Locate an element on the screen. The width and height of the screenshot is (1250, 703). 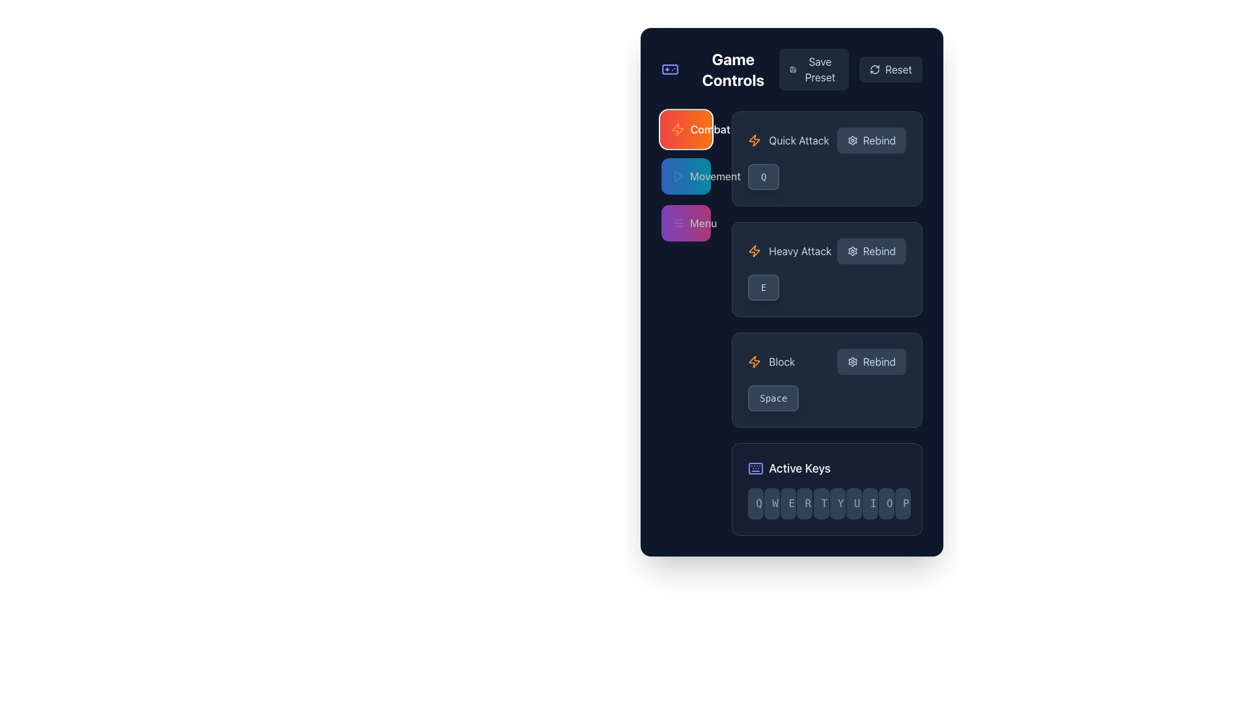
the button located below 'Combat' (orange) and 'Movement' (blue) in the vertical list to receive additional visual feedback is located at coordinates (693, 223).